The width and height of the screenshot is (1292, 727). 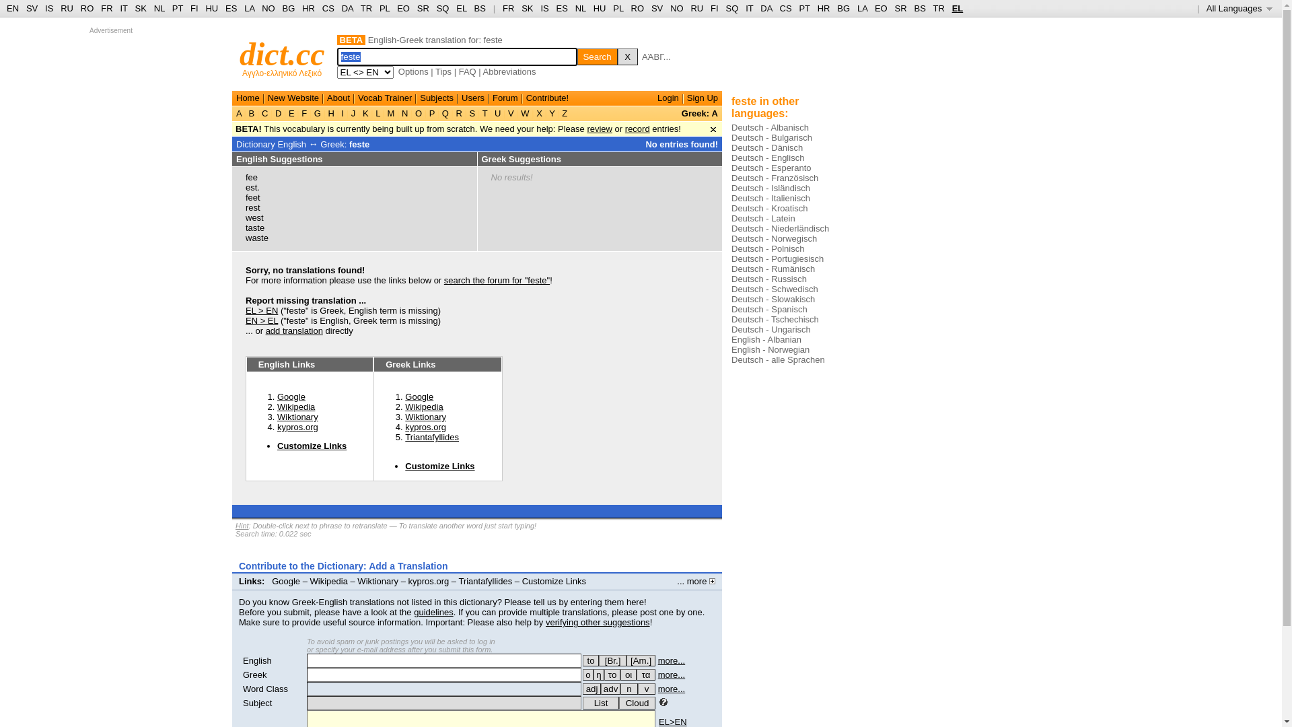 What do you see at coordinates (432, 112) in the screenshot?
I see `'P'` at bounding box center [432, 112].